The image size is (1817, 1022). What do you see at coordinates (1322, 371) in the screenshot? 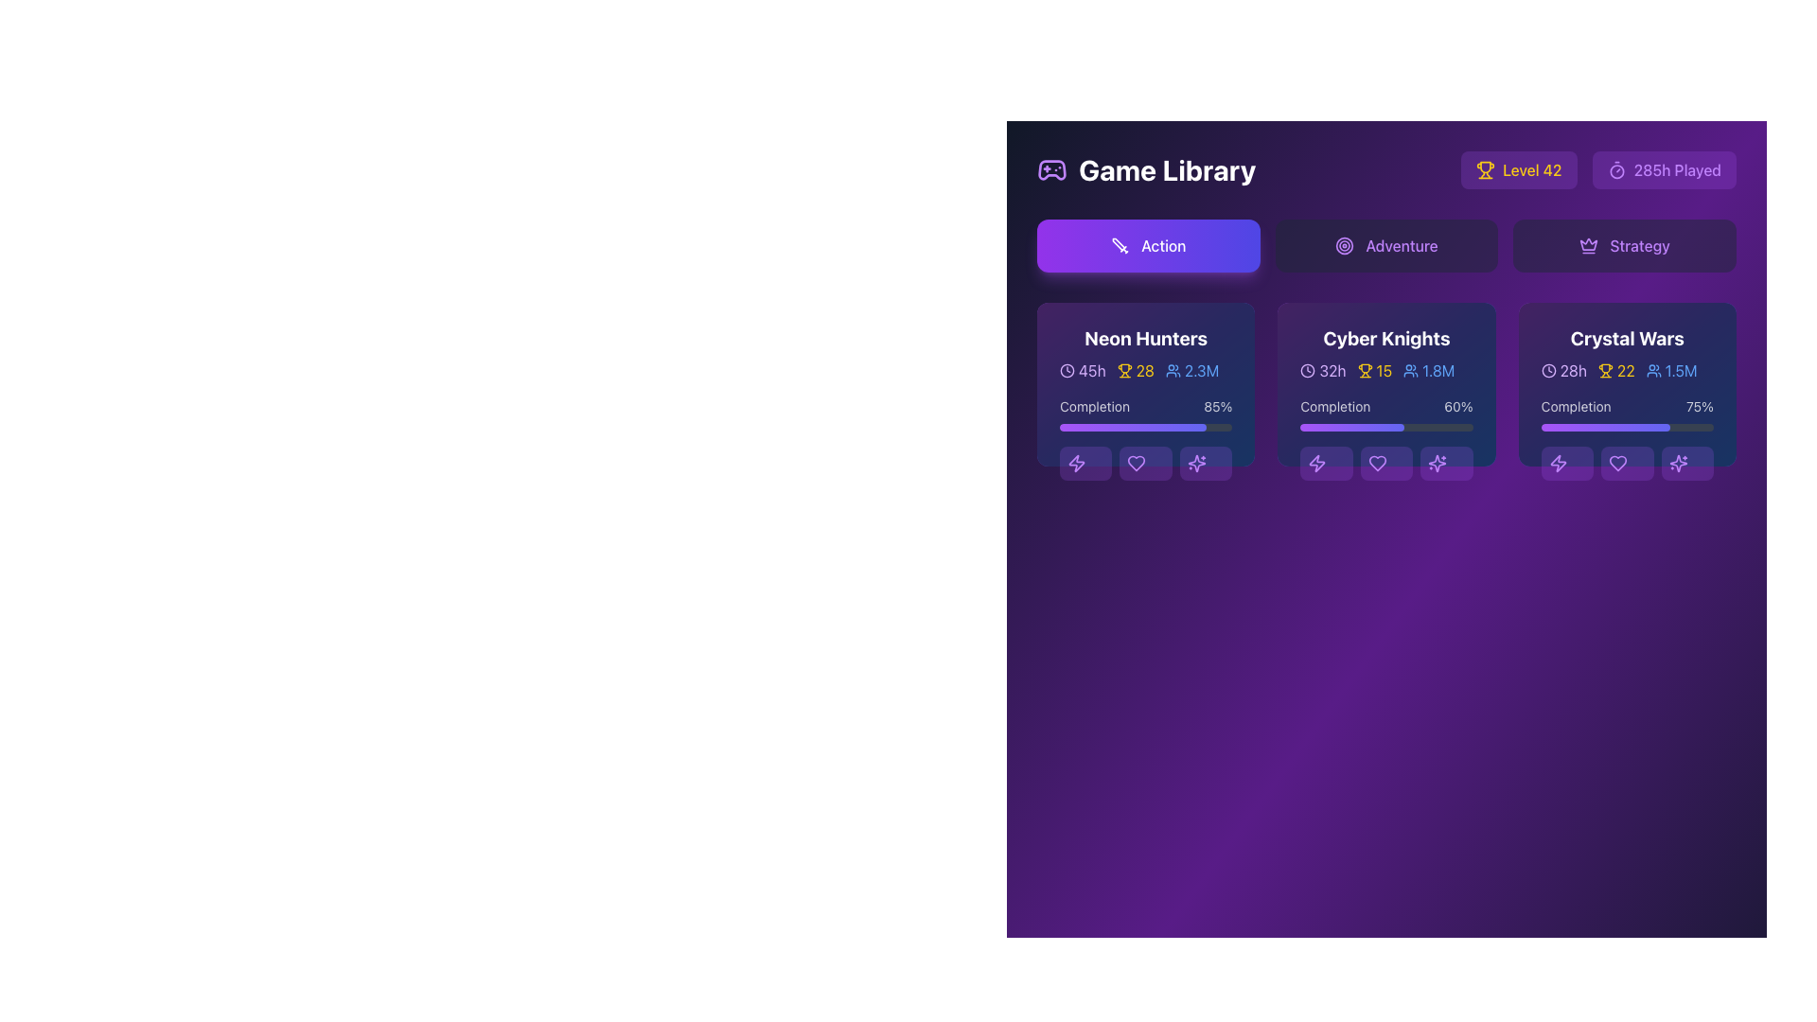
I see `the Text element displaying '32h' in the 'Cyber Knights' section, which is the leftmost item in its group and adjacent to a trophy icon labeled '15'` at bounding box center [1322, 371].